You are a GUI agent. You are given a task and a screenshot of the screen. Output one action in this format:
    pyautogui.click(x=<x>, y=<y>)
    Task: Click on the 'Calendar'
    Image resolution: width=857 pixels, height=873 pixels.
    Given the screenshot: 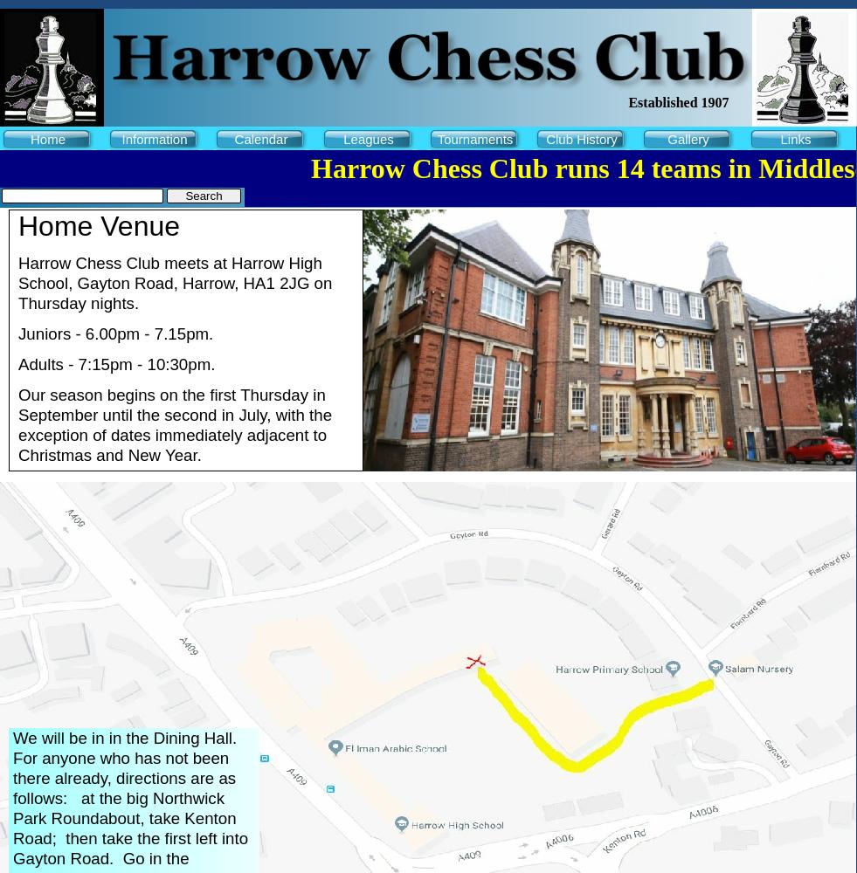 What is the action you would take?
    pyautogui.click(x=233, y=139)
    